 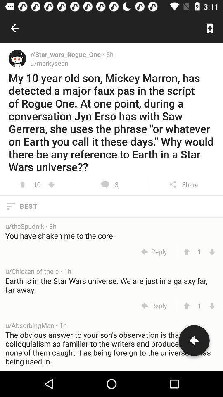 What do you see at coordinates (212, 251) in the screenshot?
I see `votes the comment down` at bounding box center [212, 251].